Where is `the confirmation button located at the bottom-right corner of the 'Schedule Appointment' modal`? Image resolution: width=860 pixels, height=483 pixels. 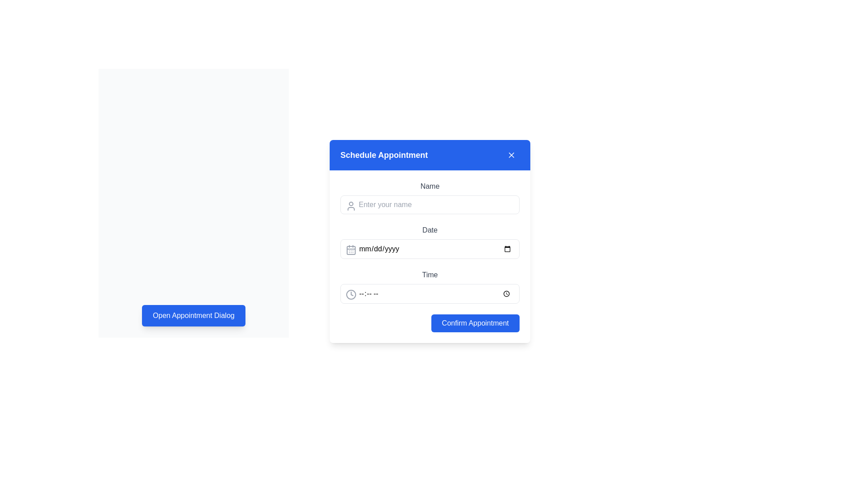 the confirmation button located at the bottom-right corner of the 'Schedule Appointment' modal is located at coordinates (430, 323).